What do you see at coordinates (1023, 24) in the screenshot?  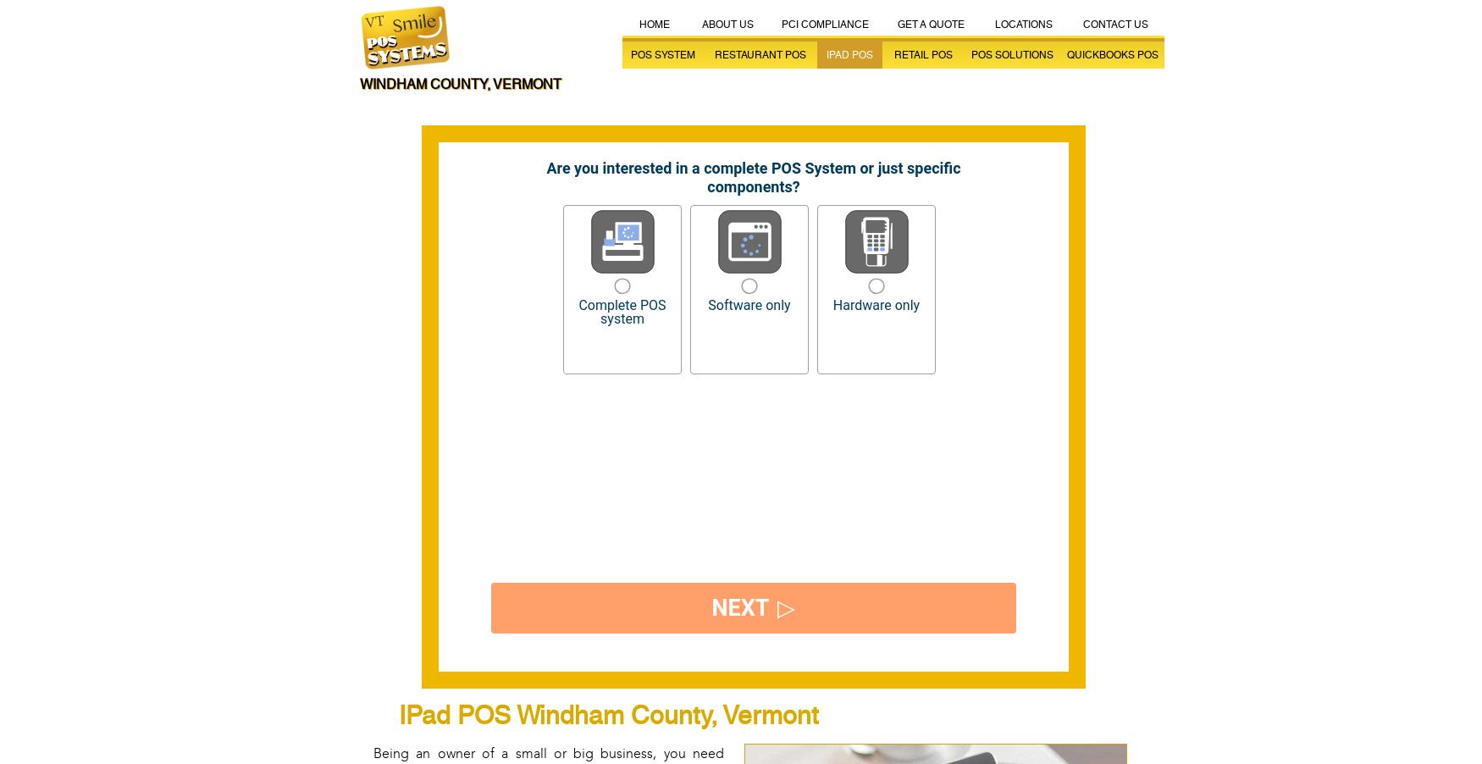 I see `'Locations'` at bounding box center [1023, 24].